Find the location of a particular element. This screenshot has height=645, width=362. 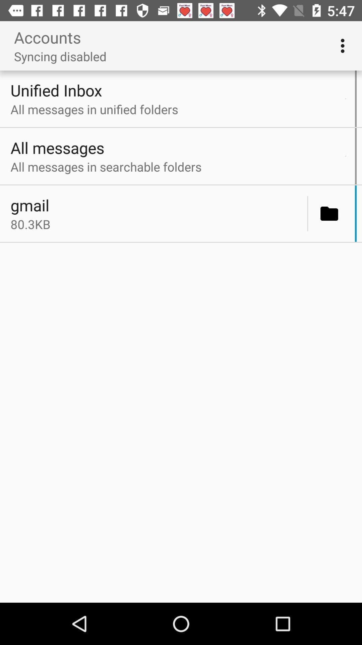

icon to the right of gmail item is located at coordinates (308, 213).